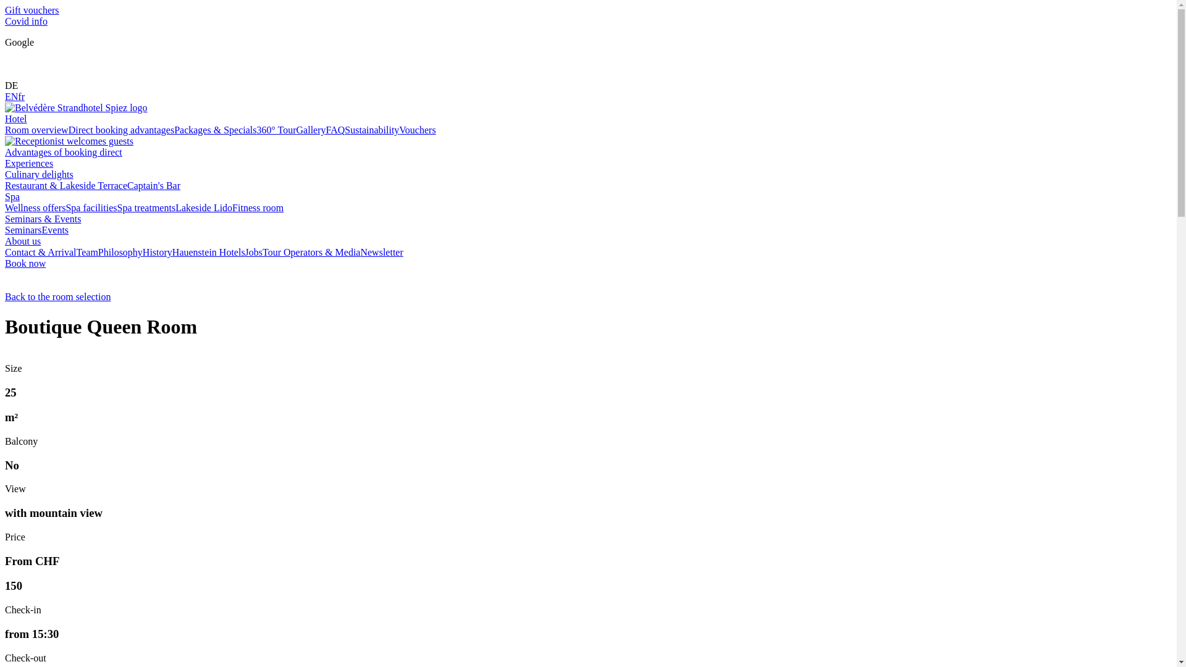  Describe the element at coordinates (17, 96) in the screenshot. I see `'fr'` at that location.